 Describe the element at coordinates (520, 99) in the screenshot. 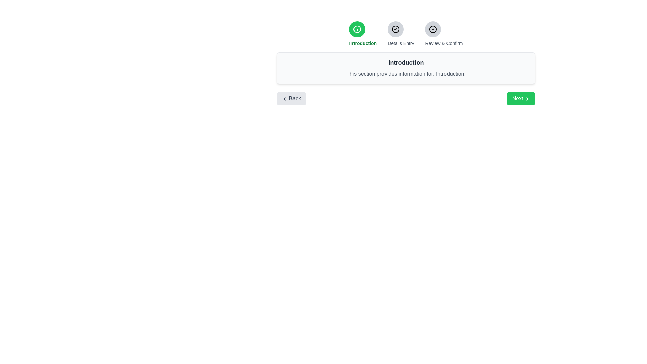

I see `the 'Next' button to navigate to the next step` at that location.